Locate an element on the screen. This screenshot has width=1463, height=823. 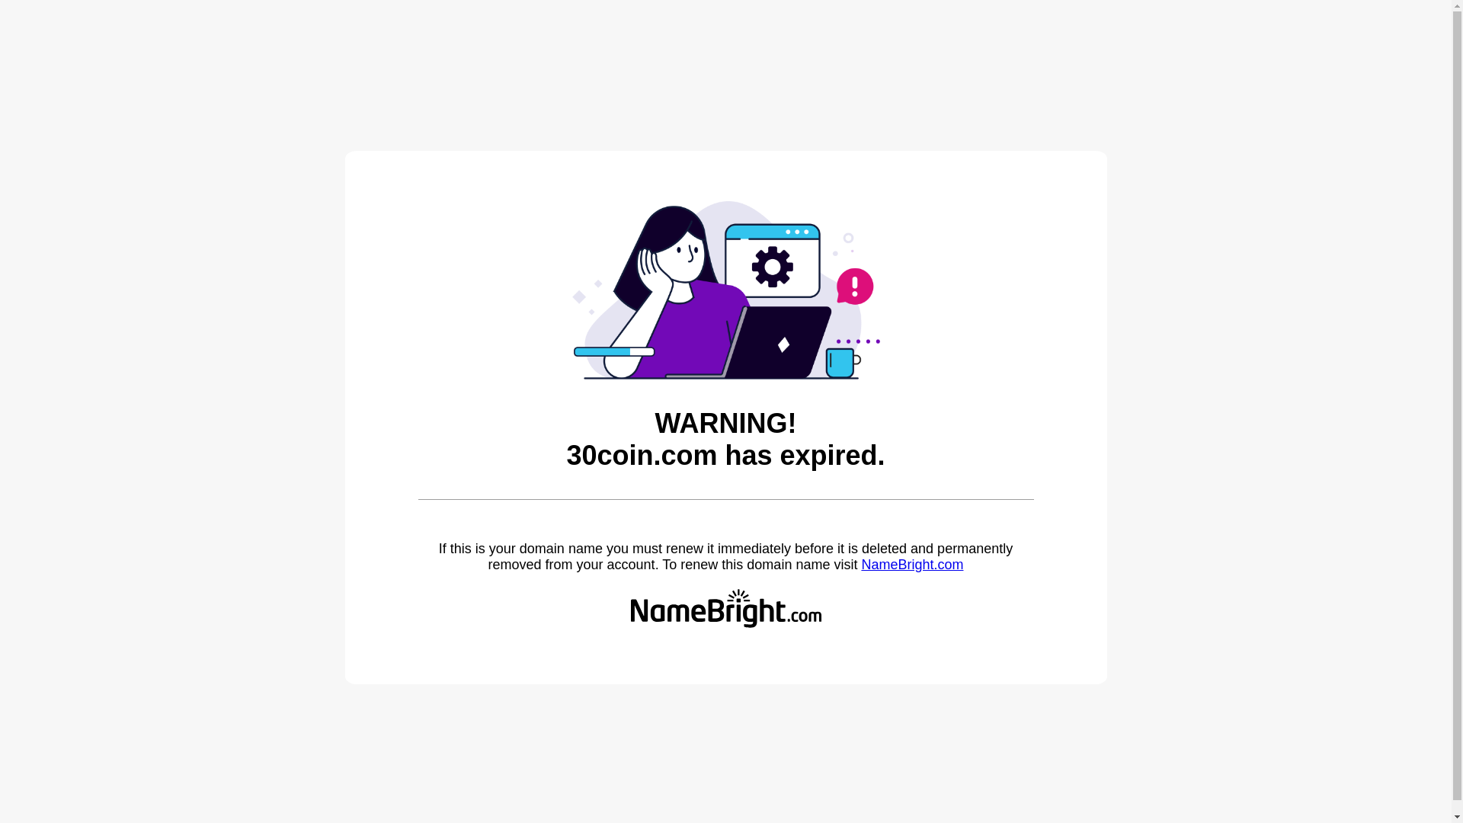
'NameBright.com' is located at coordinates (860, 564).